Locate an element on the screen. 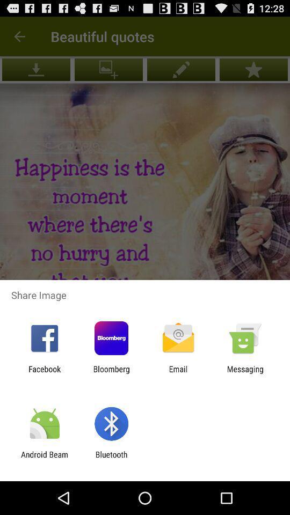 This screenshot has width=290, height=515. the messaging app is located at coordinates (245, 373).